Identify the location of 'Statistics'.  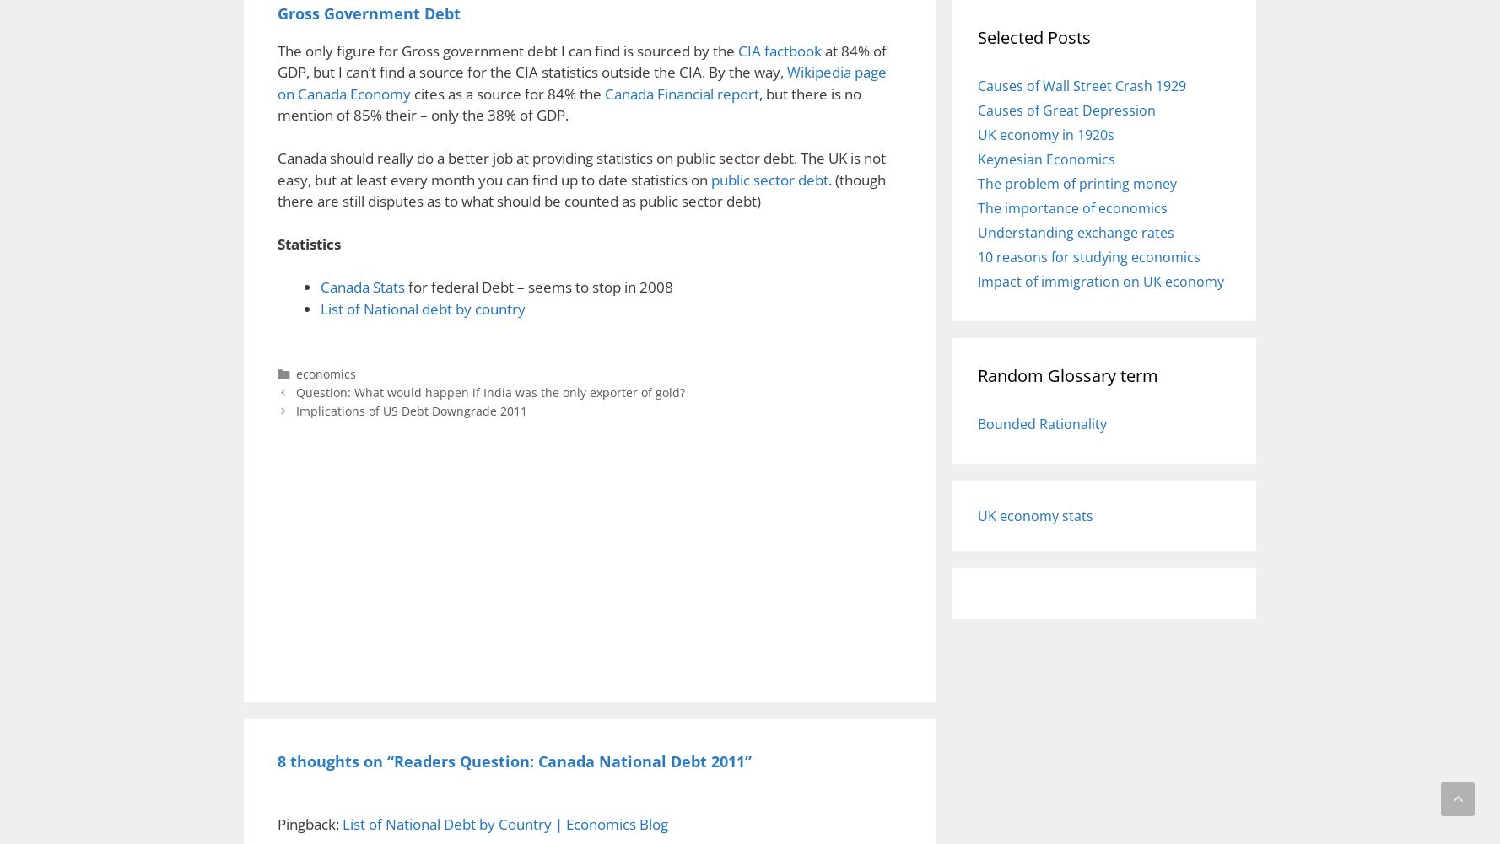
(276, 244).